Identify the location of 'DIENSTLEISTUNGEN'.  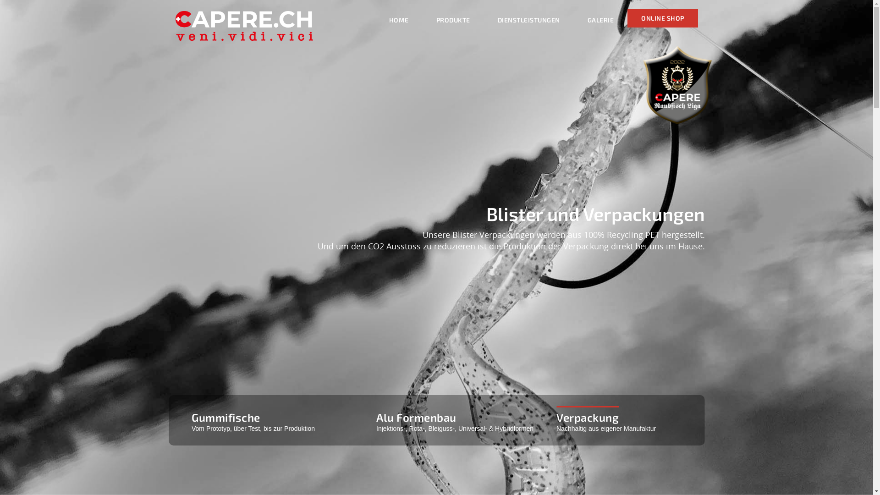
(528, 20).